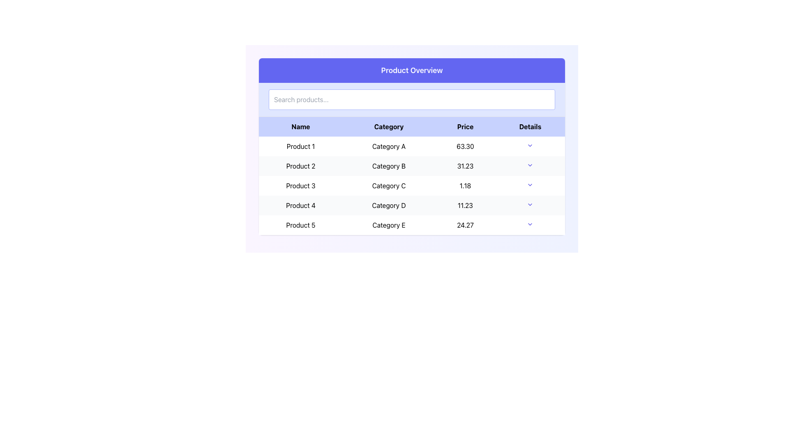 This screenshot has width=789, height=443. Describe the element at coordinates (300, 126) in the screenshot. I see `the 'Name' text label, which is displayed in bold black font on a light blue background and is the first header in a row of four headers` at that location.